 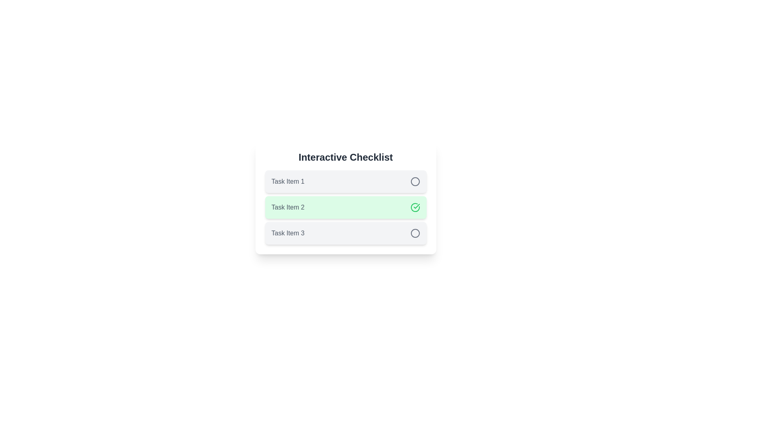 I want to click on the interactive element associated with task item Task Item 3 to view its content, so click(x=415, y=233).